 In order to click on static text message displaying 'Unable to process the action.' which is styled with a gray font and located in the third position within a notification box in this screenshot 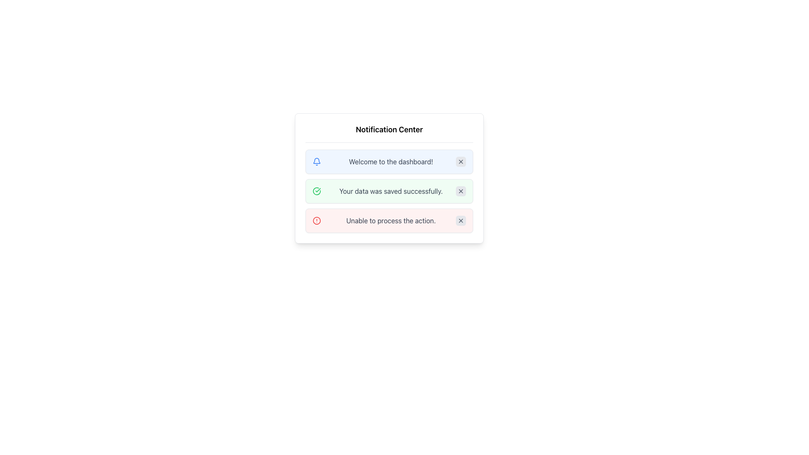, I will do `click(390, 220)`.